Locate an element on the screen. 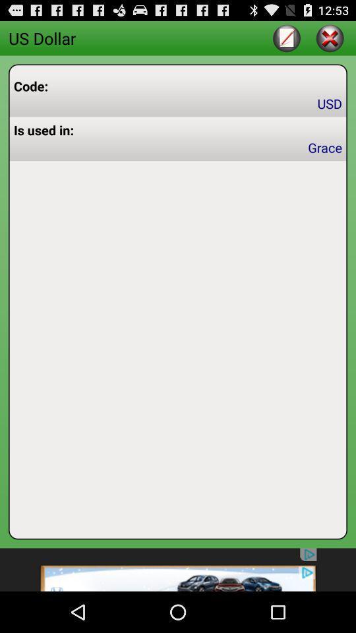 This screenshot has width=356, height=633. click on advertisement below is located at coordinates (178, 569).